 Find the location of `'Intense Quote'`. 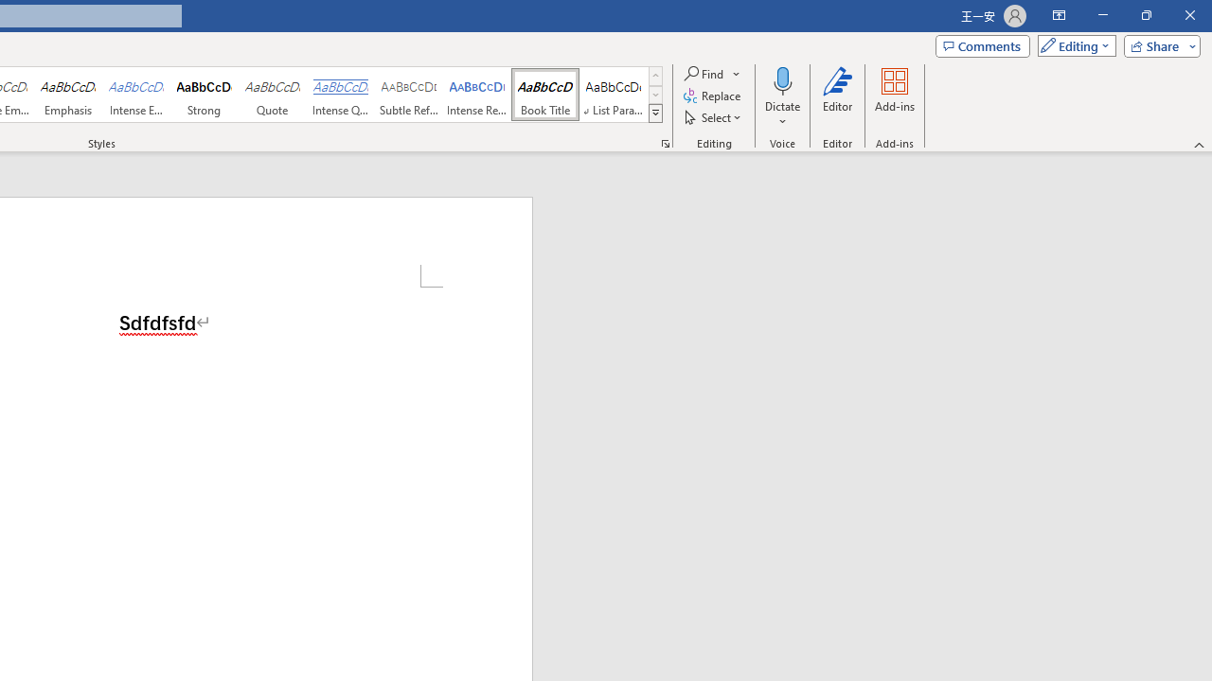

'Intense Quote' is located at coordinates (340, 95).